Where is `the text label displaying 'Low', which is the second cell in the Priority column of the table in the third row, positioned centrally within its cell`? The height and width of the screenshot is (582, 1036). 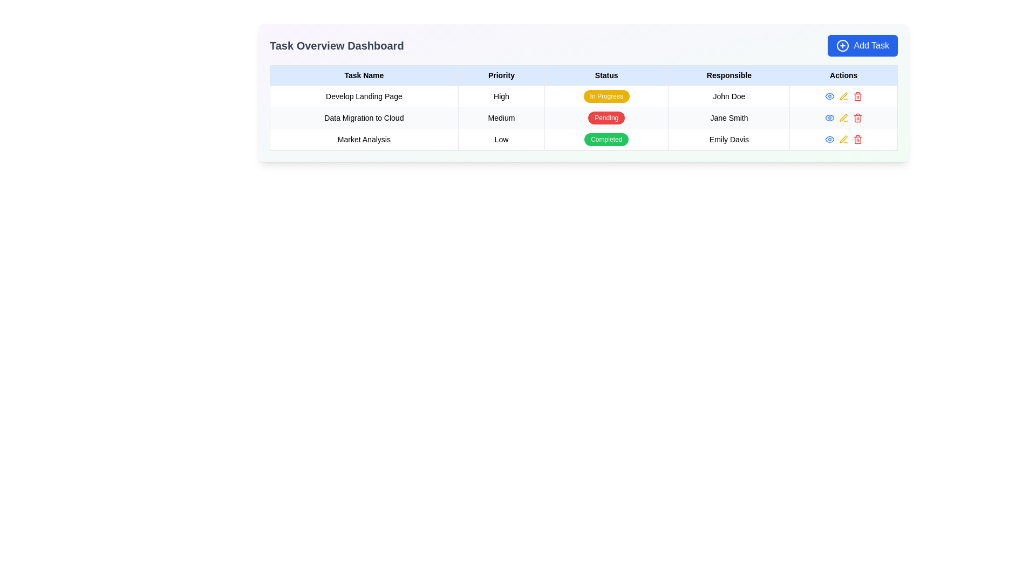
the text label displaying 'Low', which is the second cell in the Priority column of the table in the third row, positioned centrally within its cell is located at coordinates (501, 139).